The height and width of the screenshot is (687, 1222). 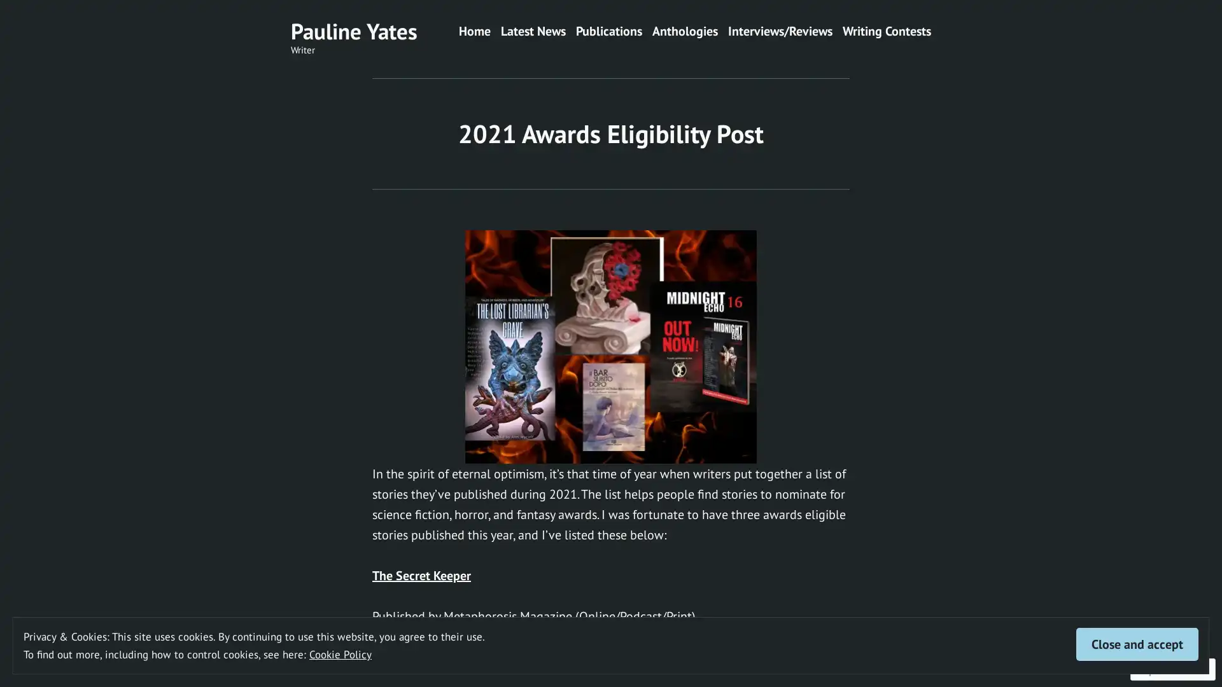 What do you see at coordinates (1137, 644) in the screenshot?
I see `Close and accept` at bounding box center [1137, 644].